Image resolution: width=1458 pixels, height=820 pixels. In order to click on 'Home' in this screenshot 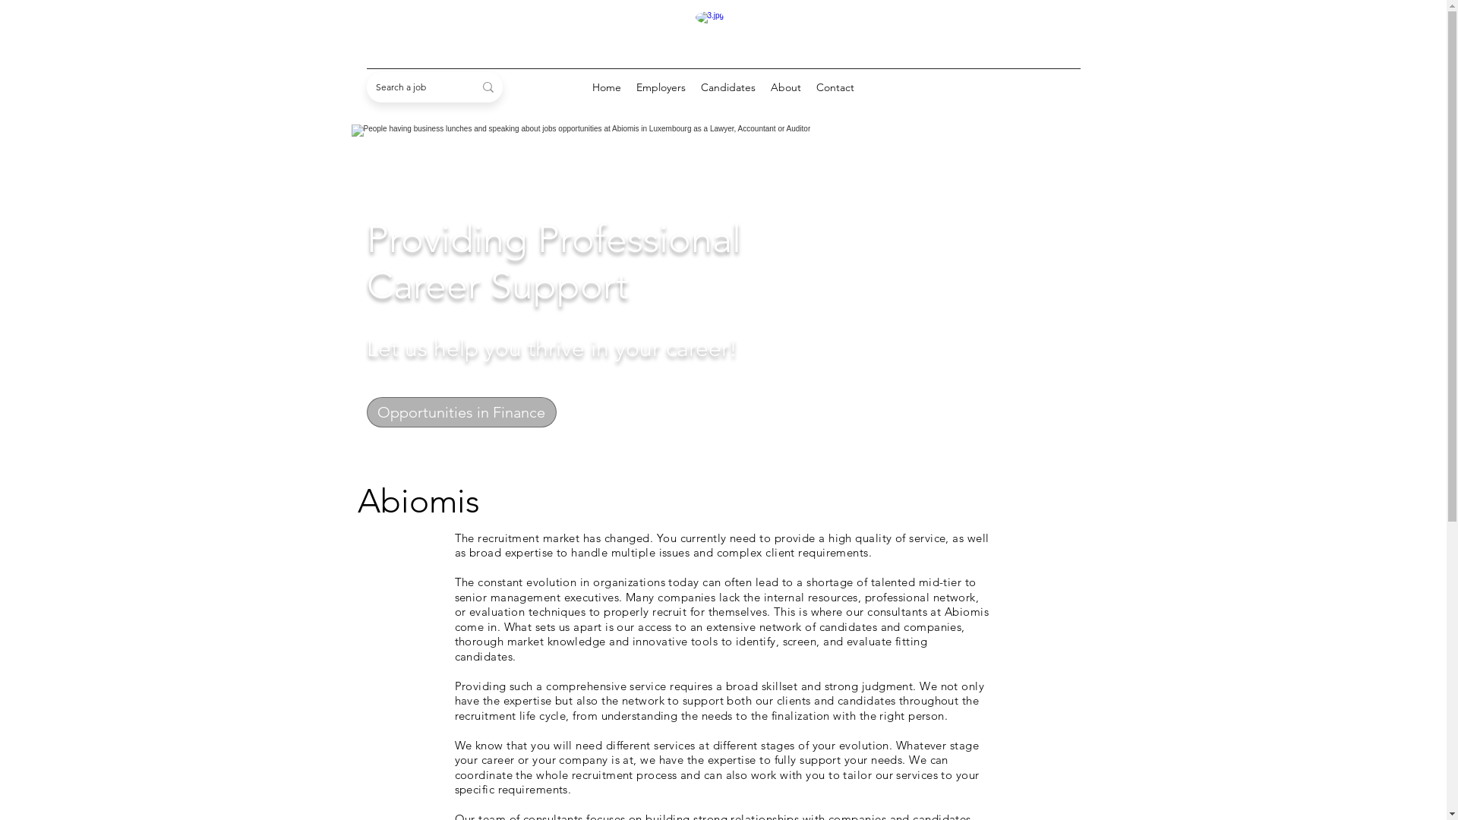, I will do `click(605, 87)`.